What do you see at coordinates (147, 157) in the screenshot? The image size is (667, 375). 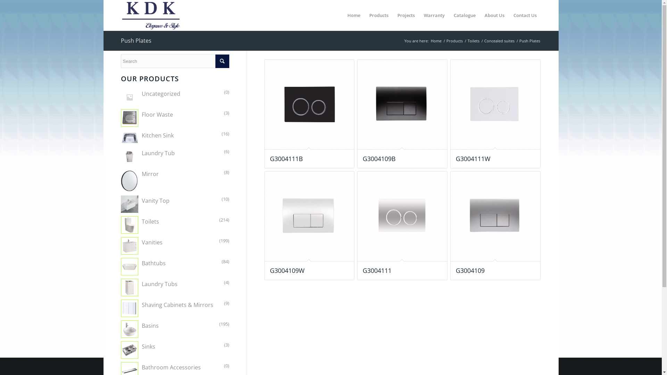 I see `'Laundry Tub'` at bounding box center [147, 157].